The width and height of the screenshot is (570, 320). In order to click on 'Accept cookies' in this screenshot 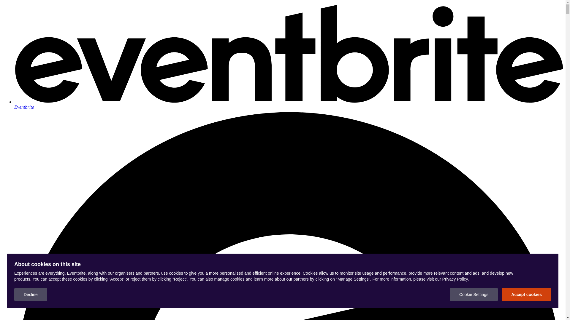, I will do `click(526, 295)`.